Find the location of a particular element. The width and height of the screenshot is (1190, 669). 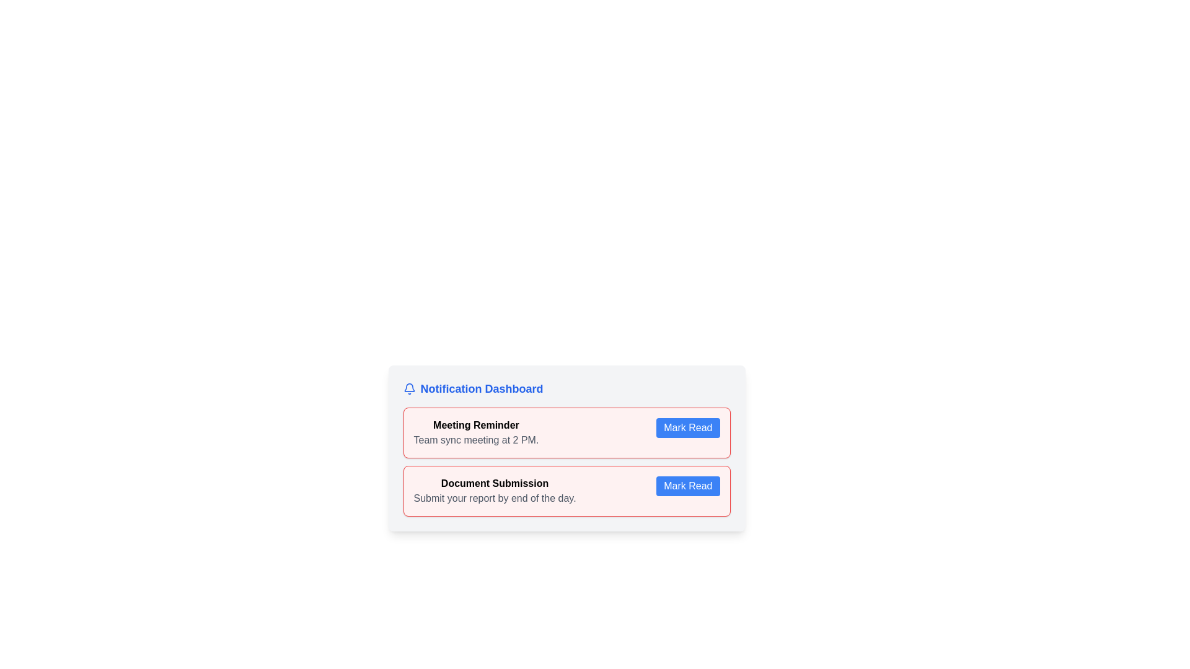

the first notification card in the visible notification list that provides information about an upcoming meeting, located above the 'Mark Read' button is located at coordinates (475, 432).